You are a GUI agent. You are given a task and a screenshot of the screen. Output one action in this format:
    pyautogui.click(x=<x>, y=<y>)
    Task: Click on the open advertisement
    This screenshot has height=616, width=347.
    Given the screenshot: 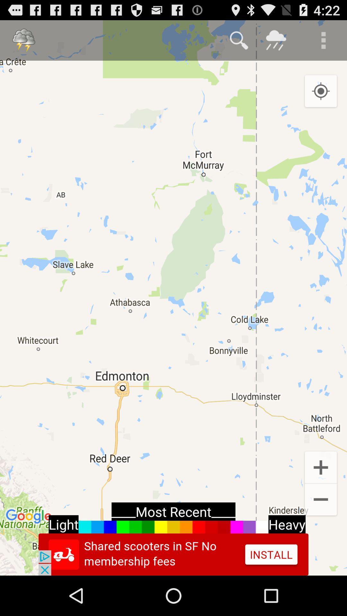 What is the action you would take?
    pyautogui.click(x=173, y=554)
    